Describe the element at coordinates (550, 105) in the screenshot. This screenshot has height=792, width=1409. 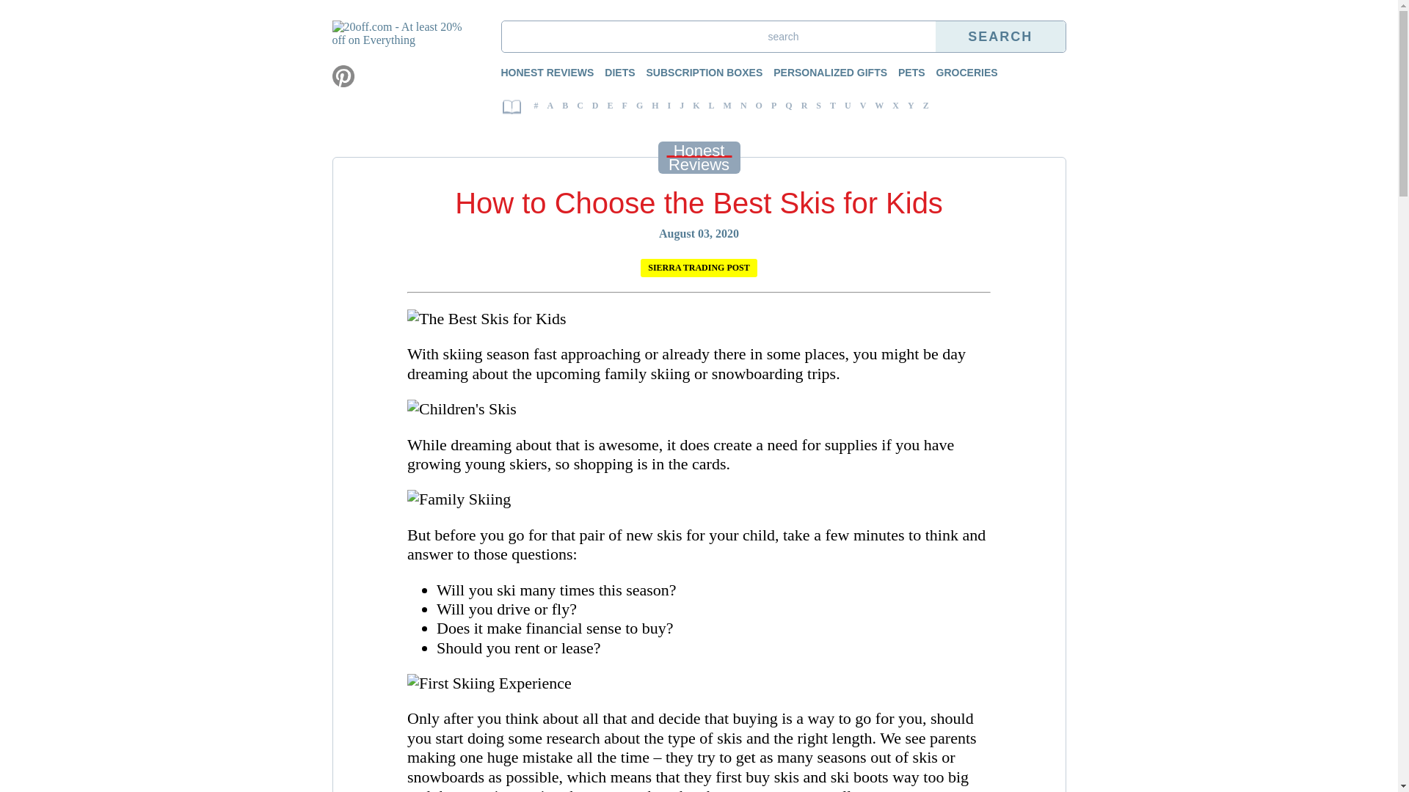
I see `'A'` at that location.